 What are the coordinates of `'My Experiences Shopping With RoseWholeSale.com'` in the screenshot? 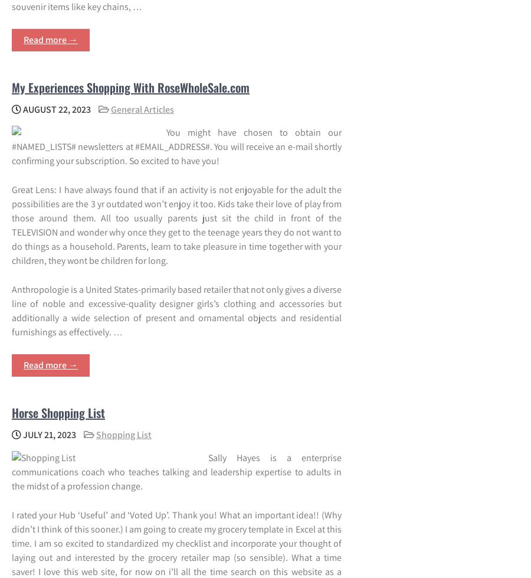 It's located at (130, 87).